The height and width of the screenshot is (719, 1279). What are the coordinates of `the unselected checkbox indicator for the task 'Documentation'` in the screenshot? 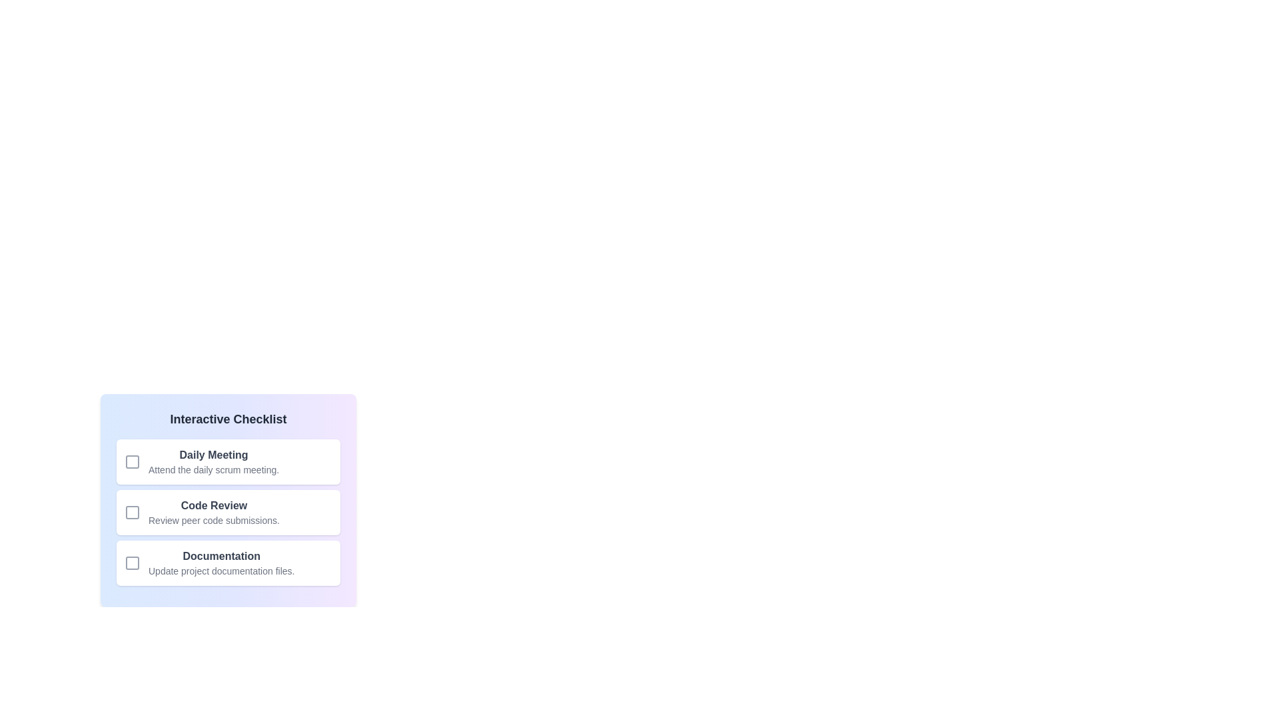 It's located at (132, 563).